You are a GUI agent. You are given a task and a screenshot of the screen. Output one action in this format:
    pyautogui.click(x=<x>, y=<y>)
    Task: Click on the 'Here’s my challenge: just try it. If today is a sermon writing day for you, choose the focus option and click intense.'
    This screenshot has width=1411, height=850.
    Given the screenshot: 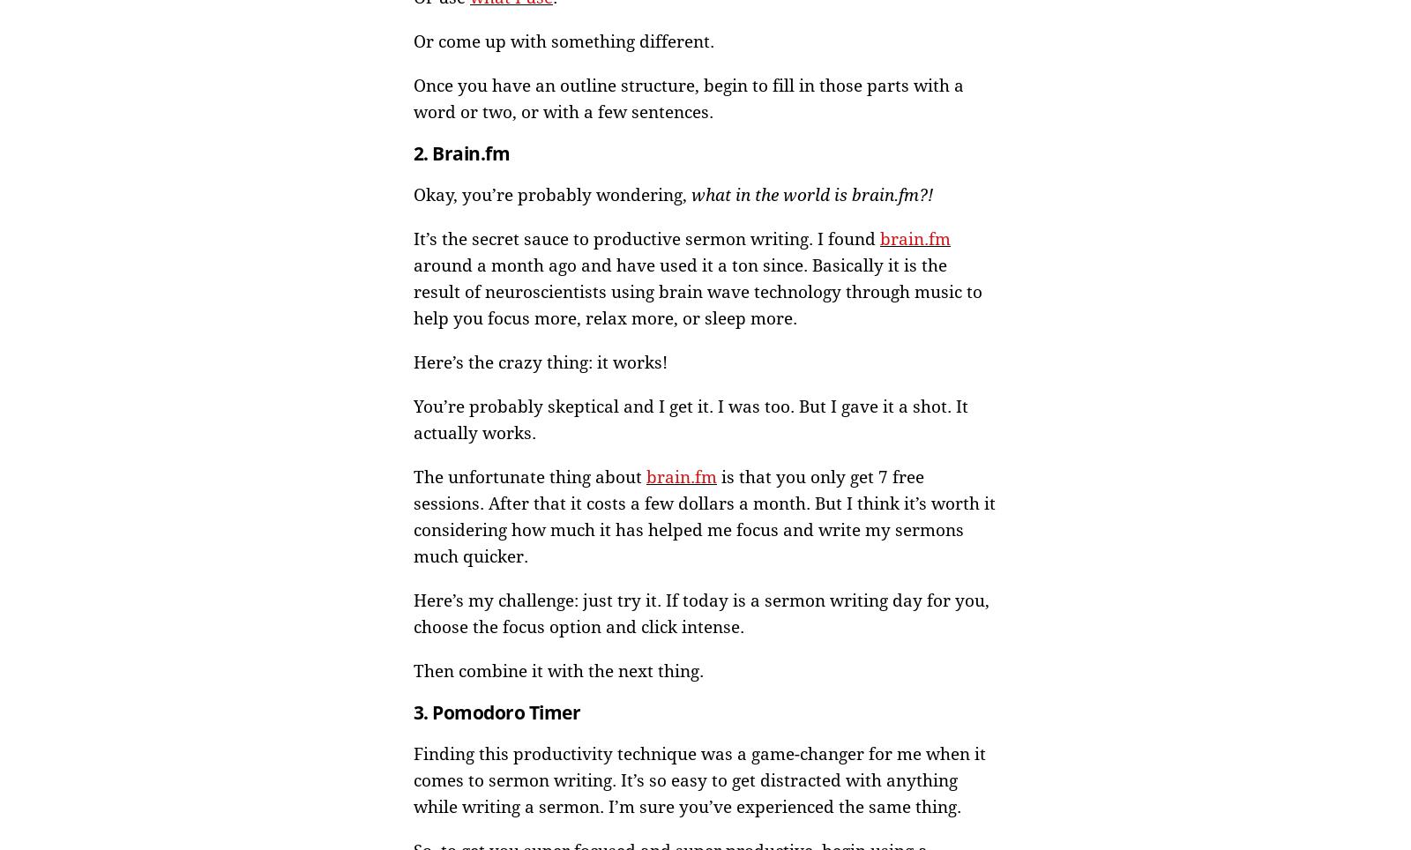 What is the action you would take?
    pyautogui.click(x=701, y=613)
    